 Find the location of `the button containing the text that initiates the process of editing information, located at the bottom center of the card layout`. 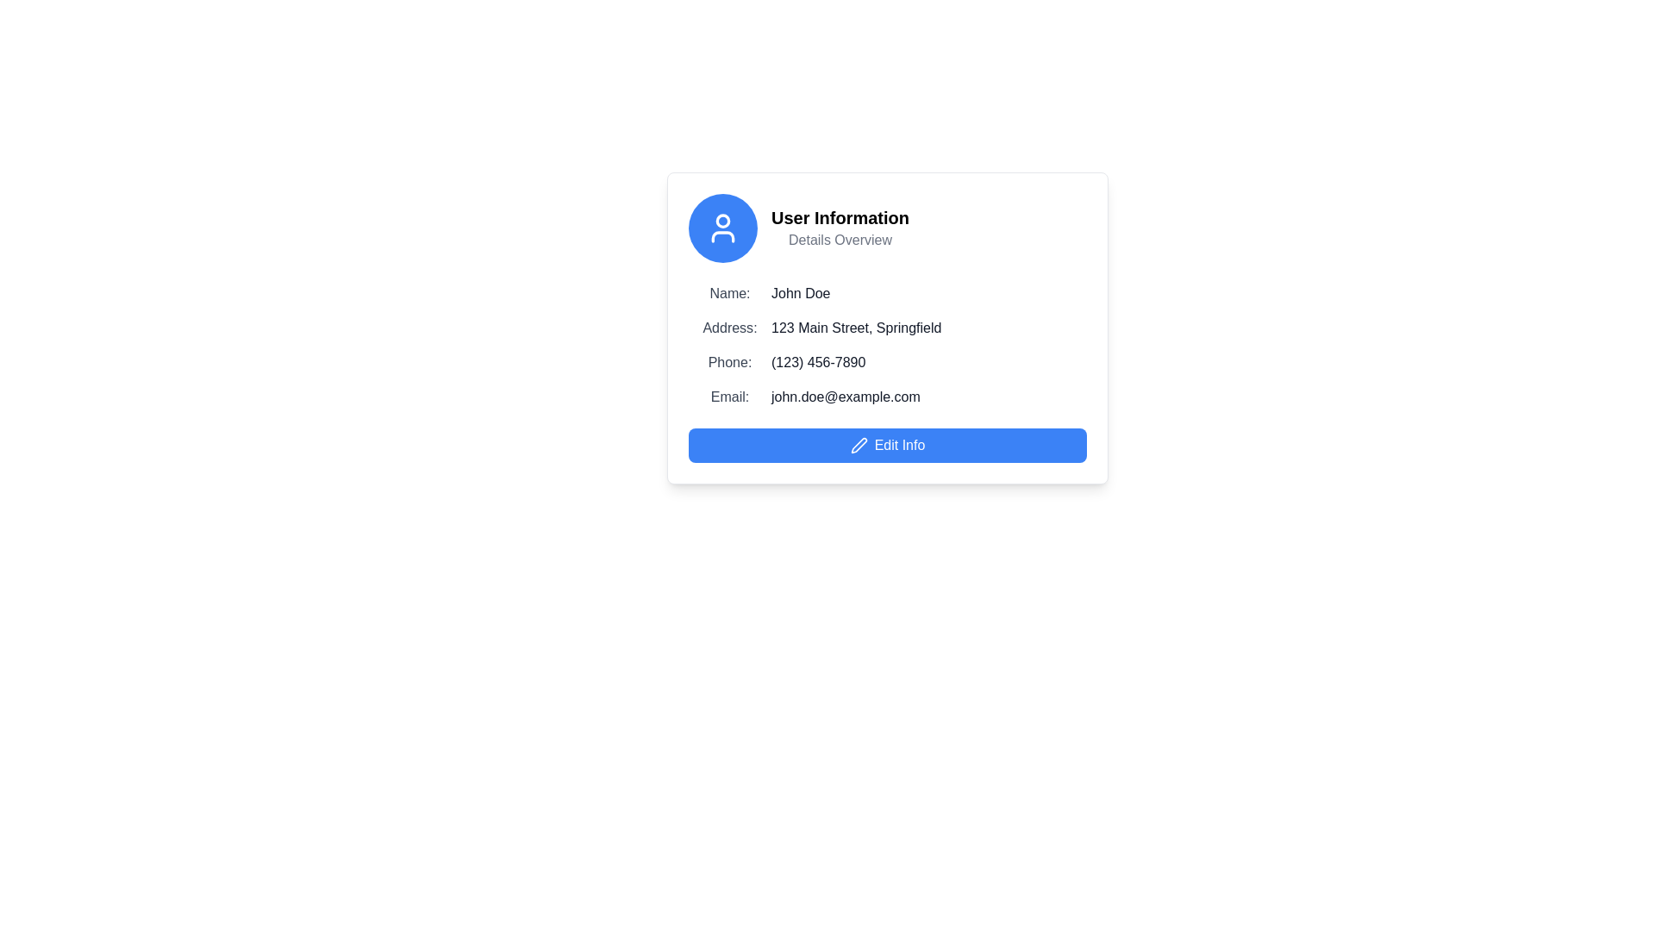

the button containing the text that initiates the process of editing information, located at the bottom center of the card layout is located at coordinates (898, 444).